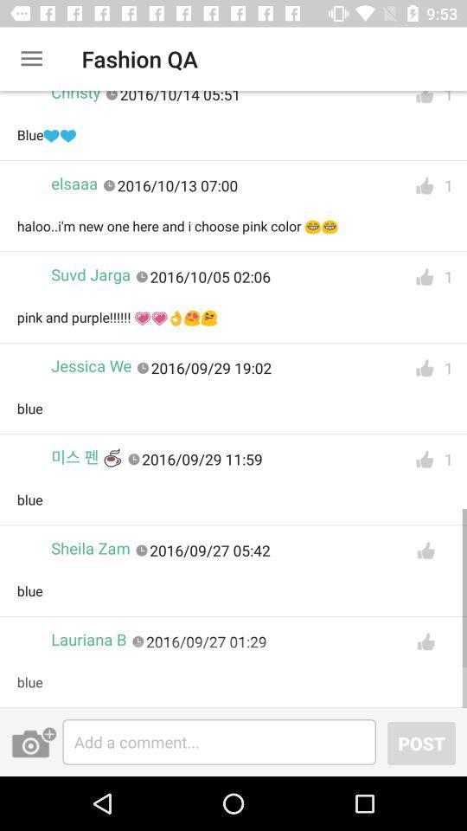 Image resolution: width=467 pixels, height=831 pixels. Describe the element at coordinates (424, 186) in the screenshot. I see `like comment` at that location.